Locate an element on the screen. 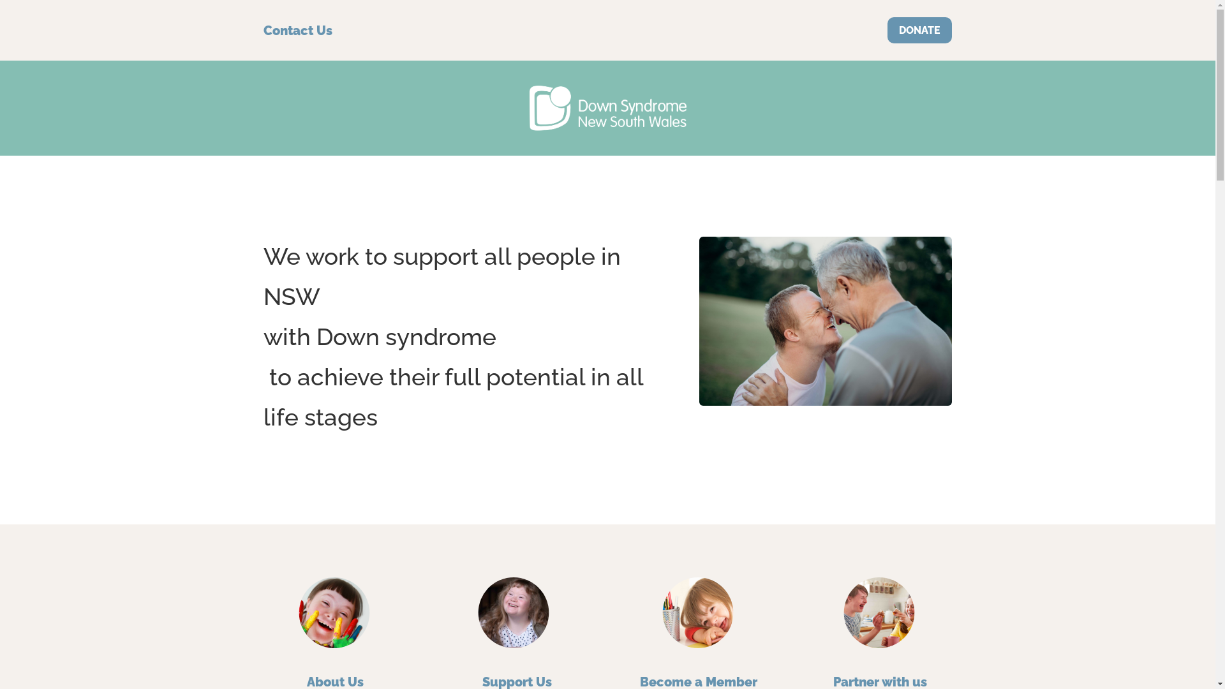  'DS Vector-white' is located at coordinates (607, 107).